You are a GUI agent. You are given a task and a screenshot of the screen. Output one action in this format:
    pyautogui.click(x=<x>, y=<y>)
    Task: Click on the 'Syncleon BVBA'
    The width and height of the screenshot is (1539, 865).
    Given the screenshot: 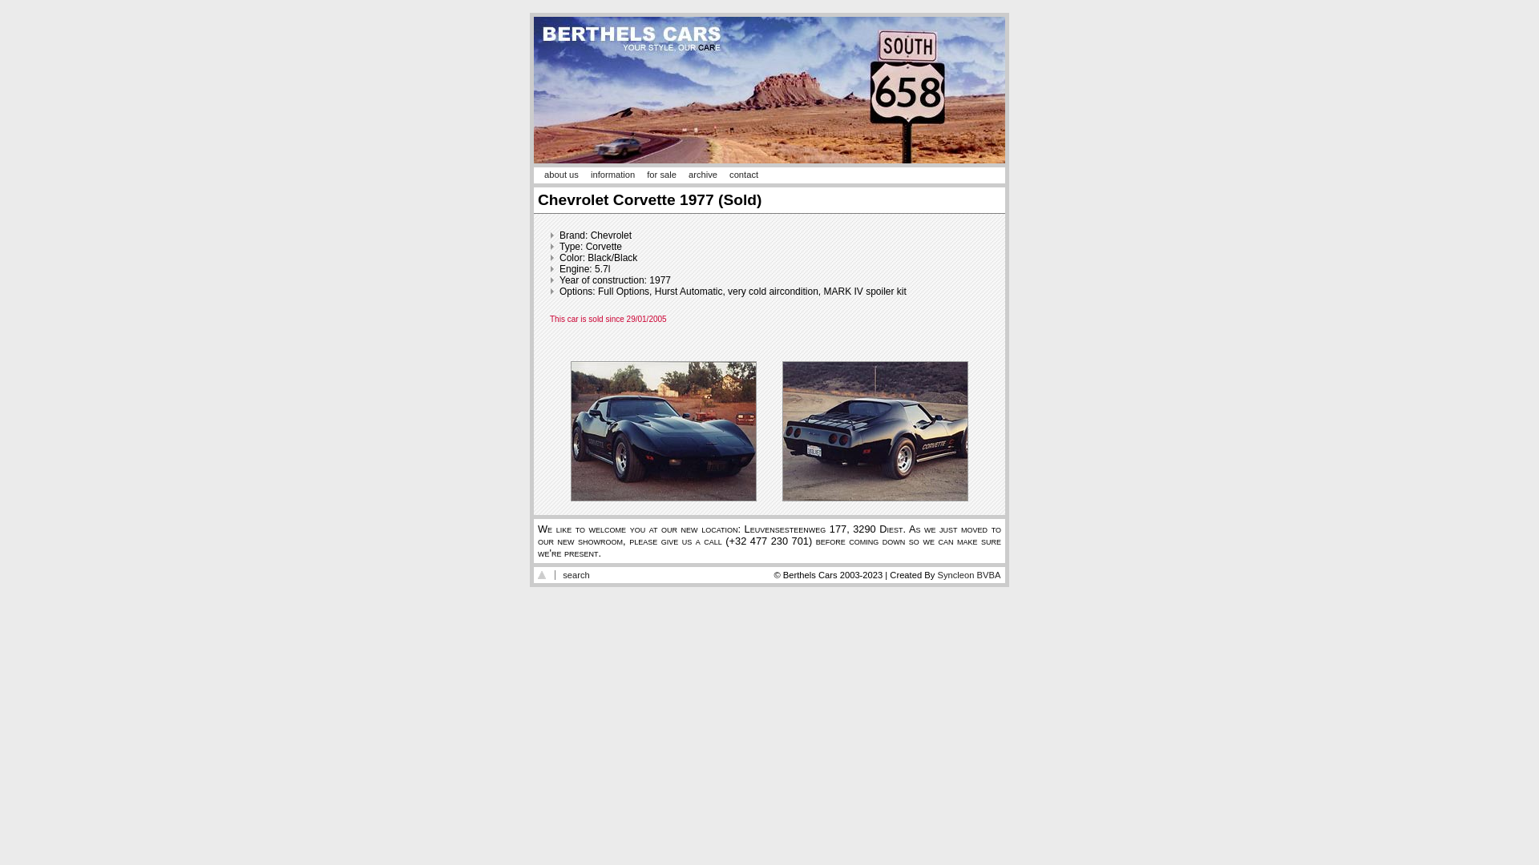 What is the action you would take?
    pyautogui.click(x=967, y=573)
    